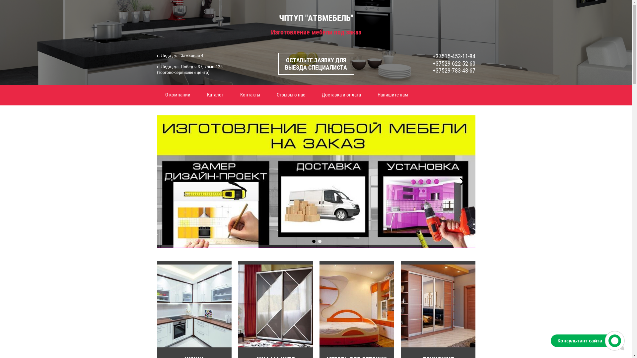 This screenshot has width=637, height=358. I want to click on '+37529-622-52-60', so click(454, 63).